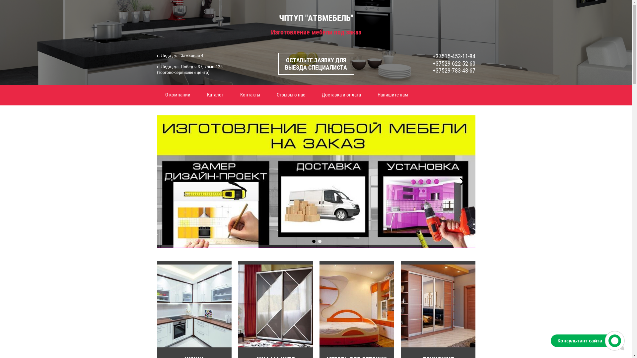 This screenshot has width=637, height=358. I want to click on '+37529-622-52-60', so click(454, 63).